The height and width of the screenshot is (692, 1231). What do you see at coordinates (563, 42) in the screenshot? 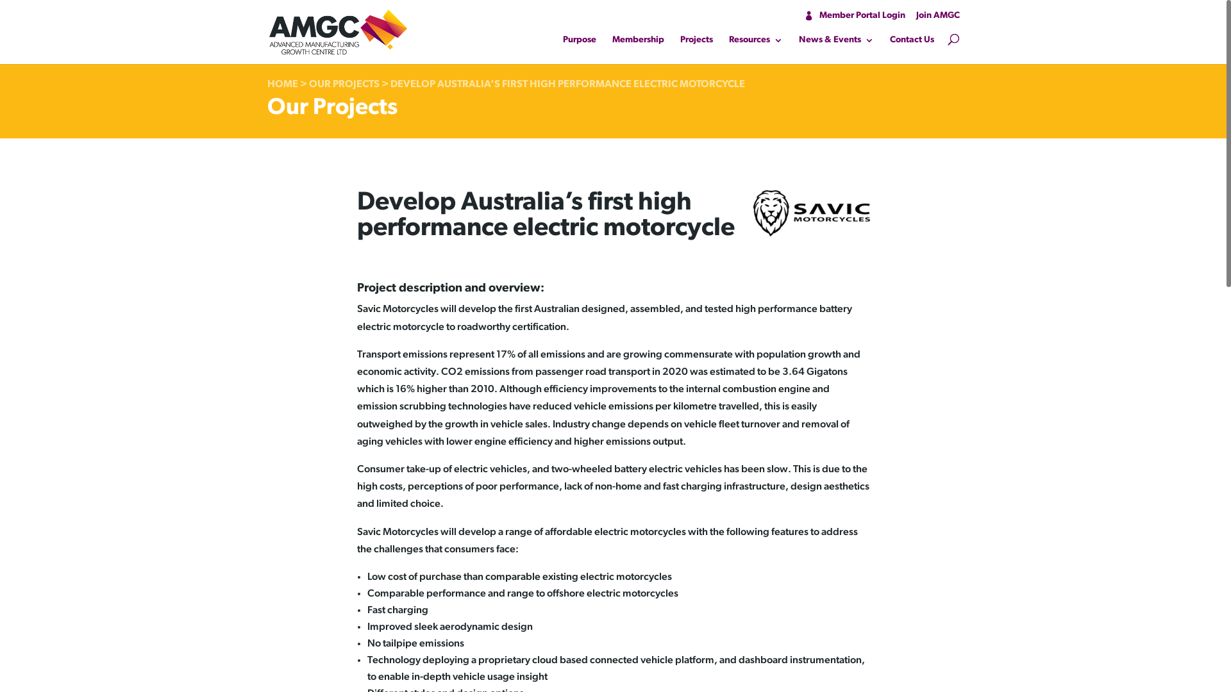
I see `'Purpose'` at bounding box center [563, 42].